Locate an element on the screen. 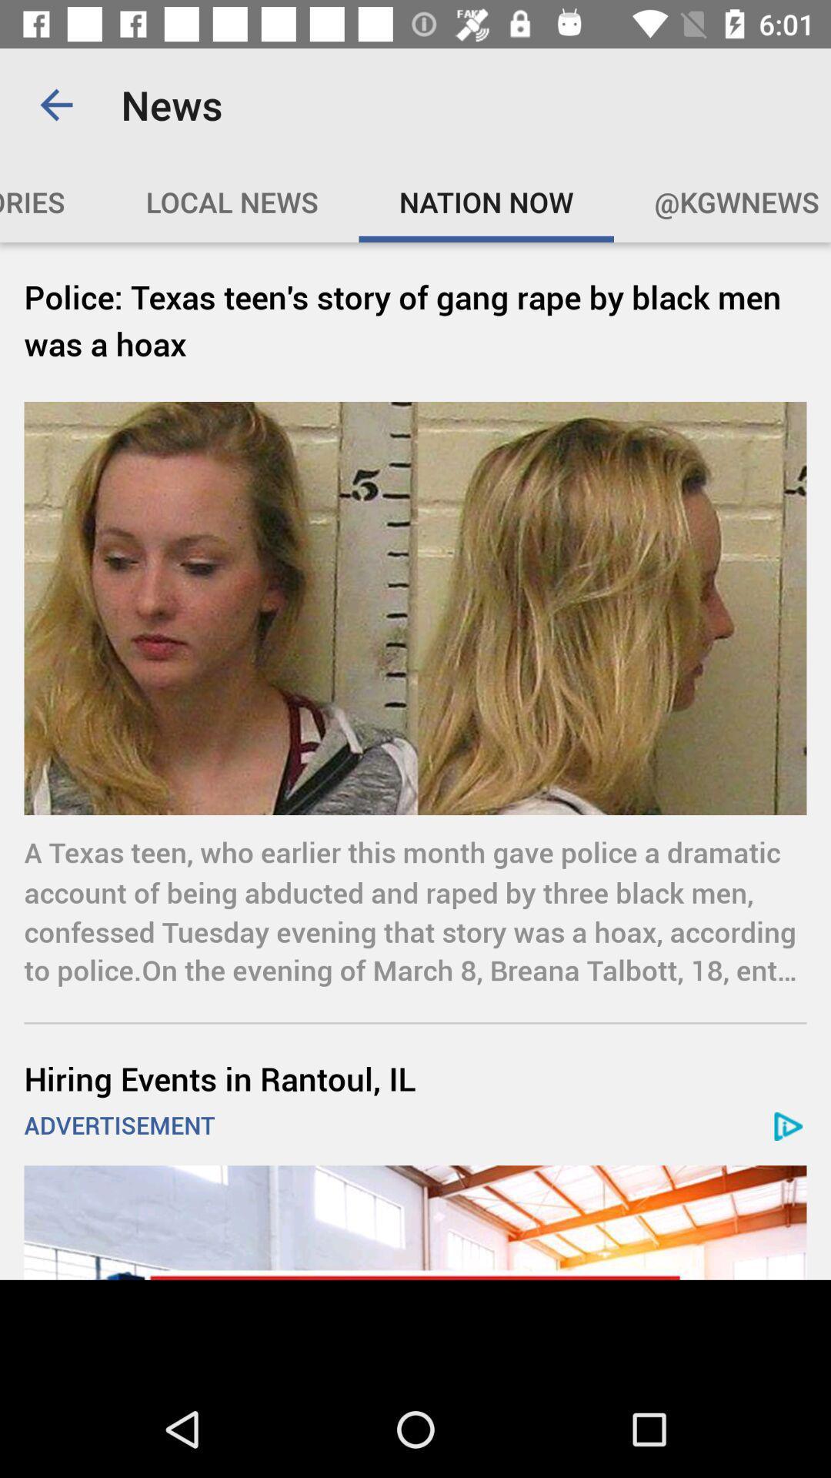 The height and width of the screenshot is (1478, 831). open advertisement is located at coordinates (415, 1222).